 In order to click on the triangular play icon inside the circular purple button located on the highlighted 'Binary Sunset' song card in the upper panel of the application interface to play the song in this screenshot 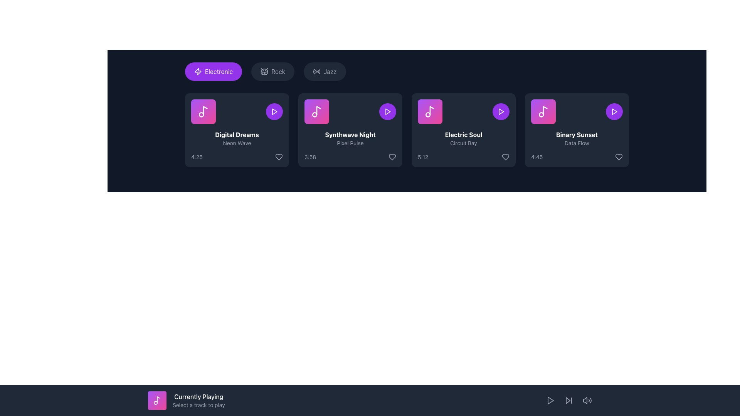, I will do `click(614, 111)`.